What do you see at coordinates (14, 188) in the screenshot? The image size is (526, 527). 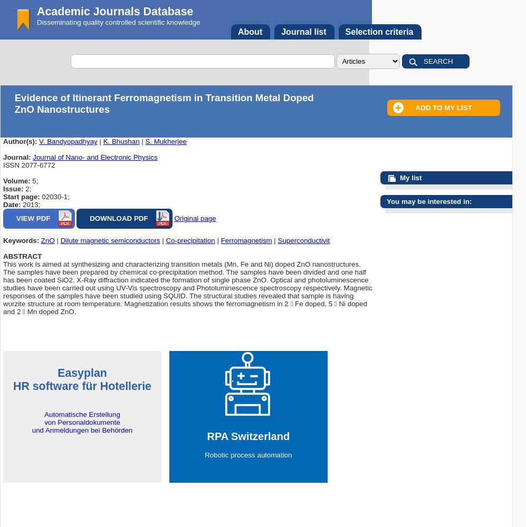 I see `'Issue:'` at bounding box center [14, 188].